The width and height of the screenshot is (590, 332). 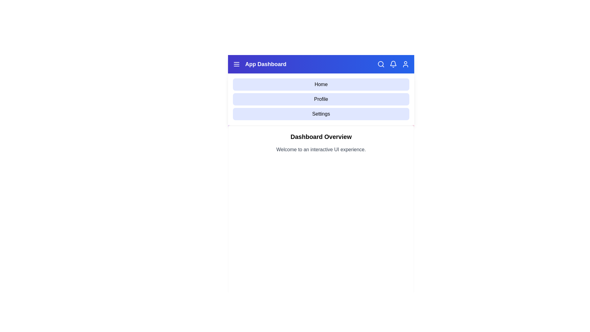 What do you see at coordinates (236, 64) in the screenshot?
I see `the menu toggle button to toggle the menu visibility` at bounding box center [236, 64].